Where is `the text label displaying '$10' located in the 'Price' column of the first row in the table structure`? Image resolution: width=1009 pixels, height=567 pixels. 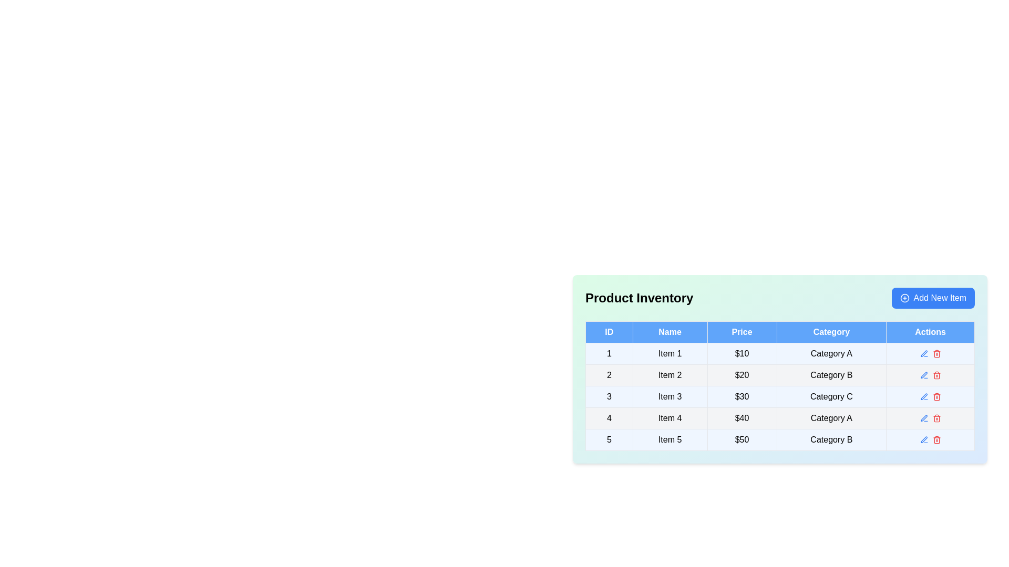
the text label displaying '$10' located in the 'Price' column of the first row in the table structure is located at coordinates (741, 354).